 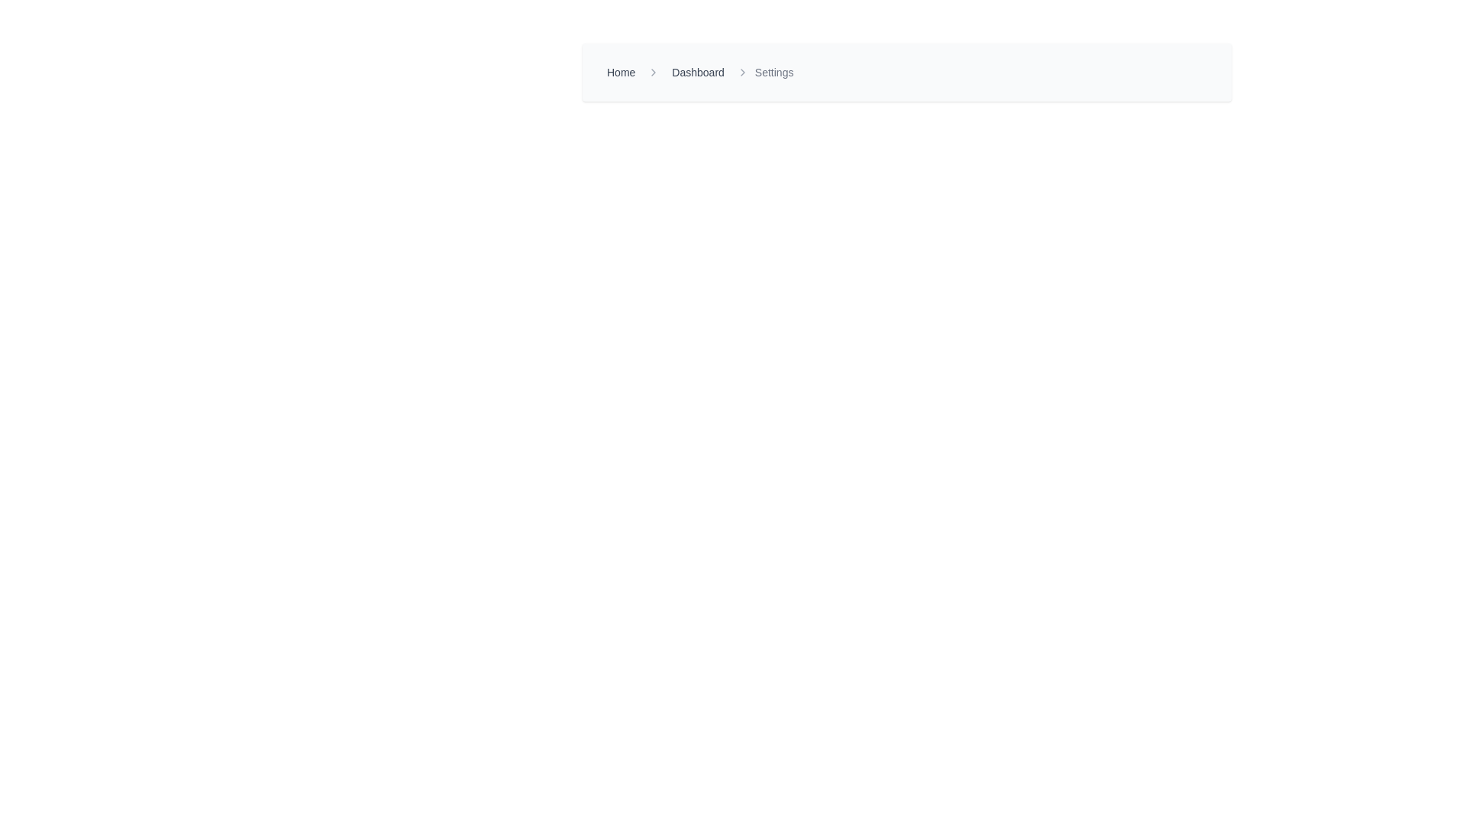 What do you see at coordinates (621, 73) in the screenshot?
I see `the 'Home' hyperlink in the breadcrumb navigation` at bounding box center [621, 73].